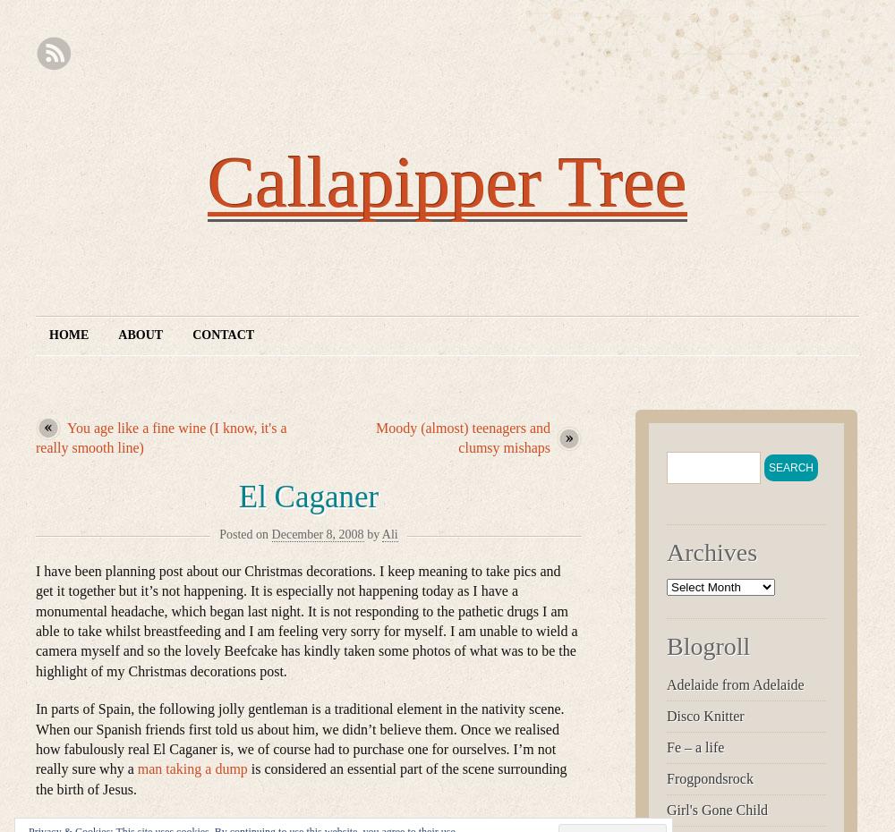 The height and width of the screenshot is (832, 895). Describe the element at coordinates (161, 437) in the screenshot. I see `'You age like a fine wine (I know, it's a really smooth line)'` at that location.